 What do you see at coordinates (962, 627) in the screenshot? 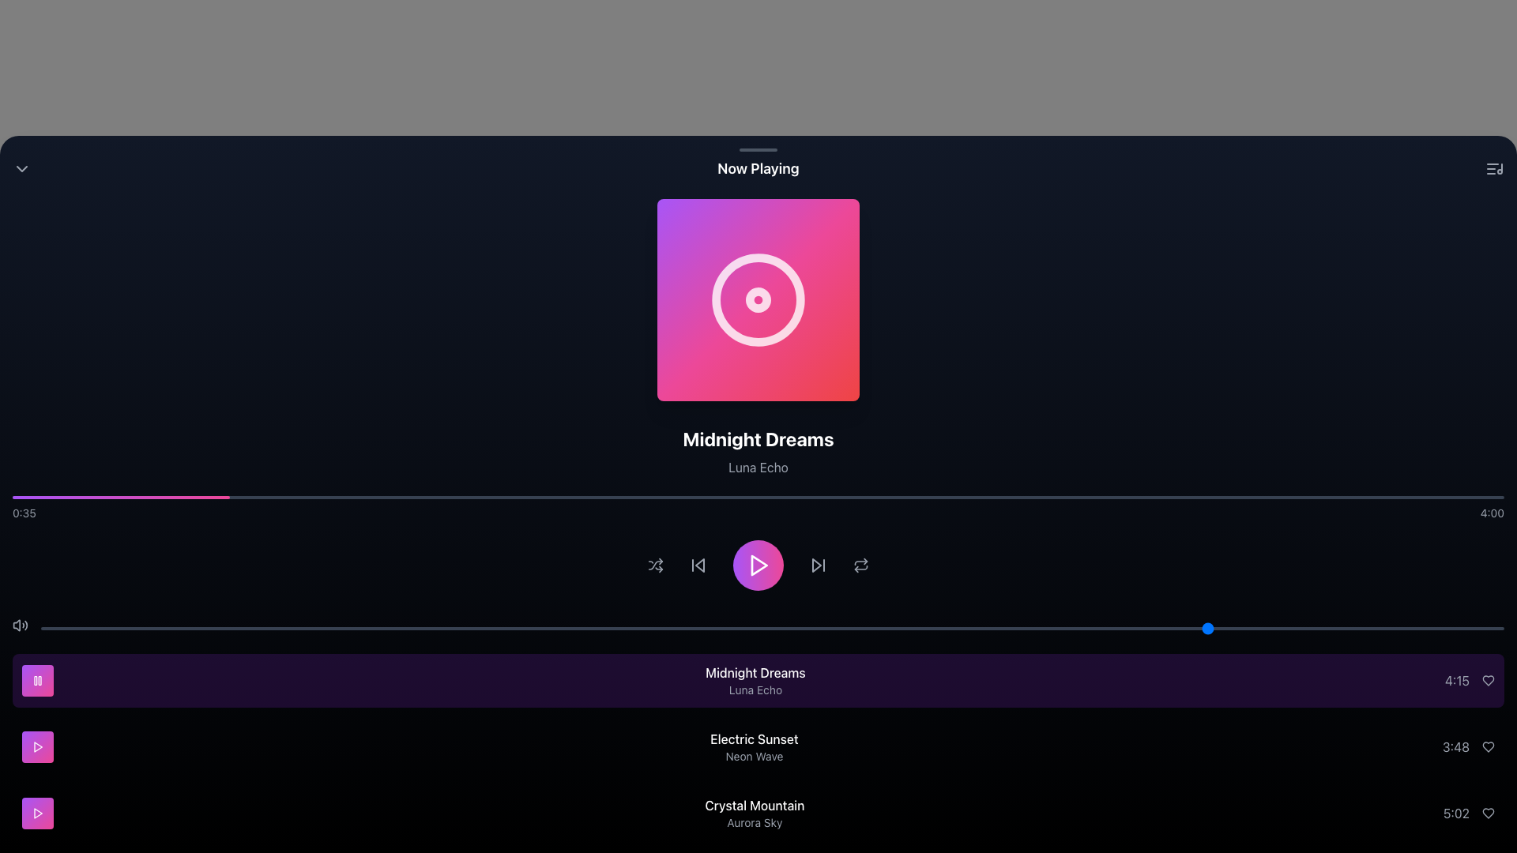
I see `the slider value` at bounding box center [962, 627].